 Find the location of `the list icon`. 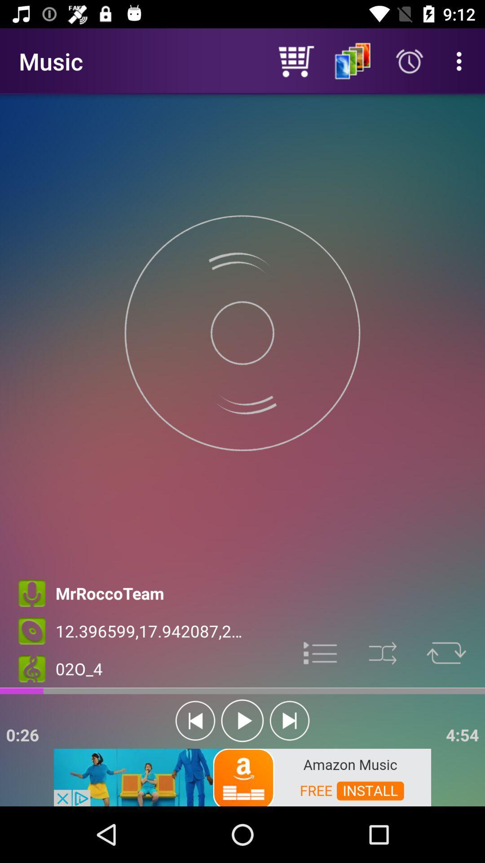

the list icon is located at coordinates (320, 652).